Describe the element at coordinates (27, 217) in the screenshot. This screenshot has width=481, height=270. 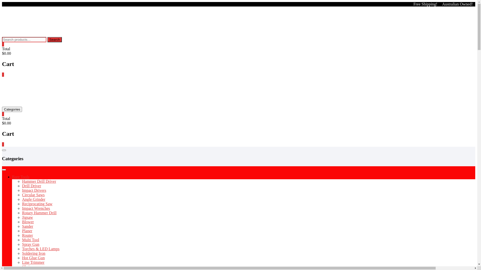
I see `'Jigsaw'` at that location.